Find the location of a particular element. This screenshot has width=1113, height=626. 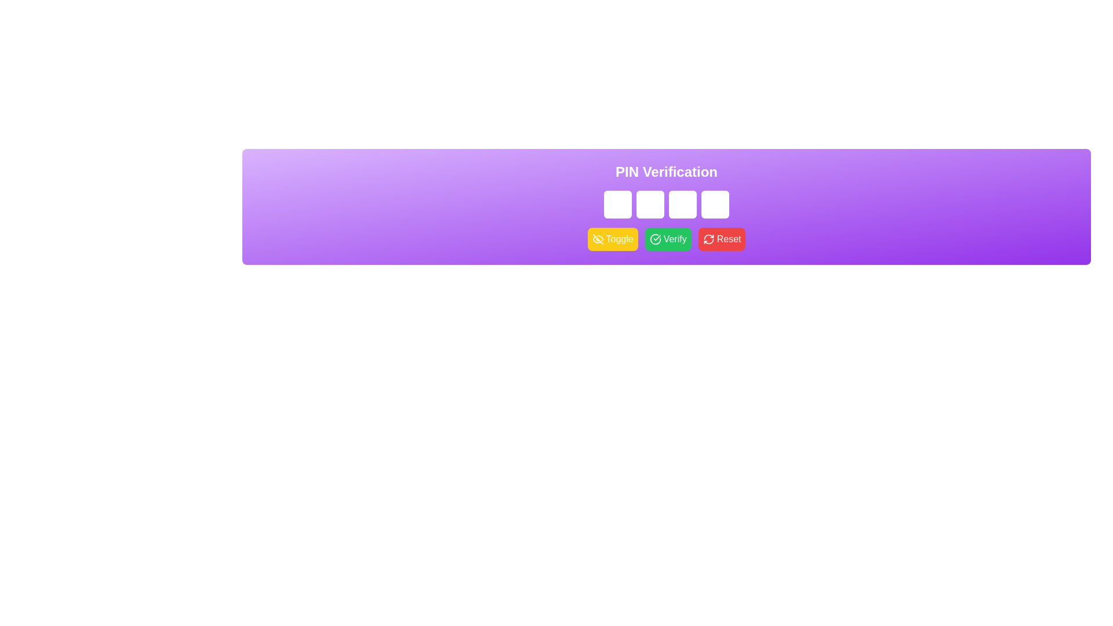

the icon within the 'Toggle' button that indicates the purpose to toggle visibility of the PIN input fields is located at coordinates (598, 238).